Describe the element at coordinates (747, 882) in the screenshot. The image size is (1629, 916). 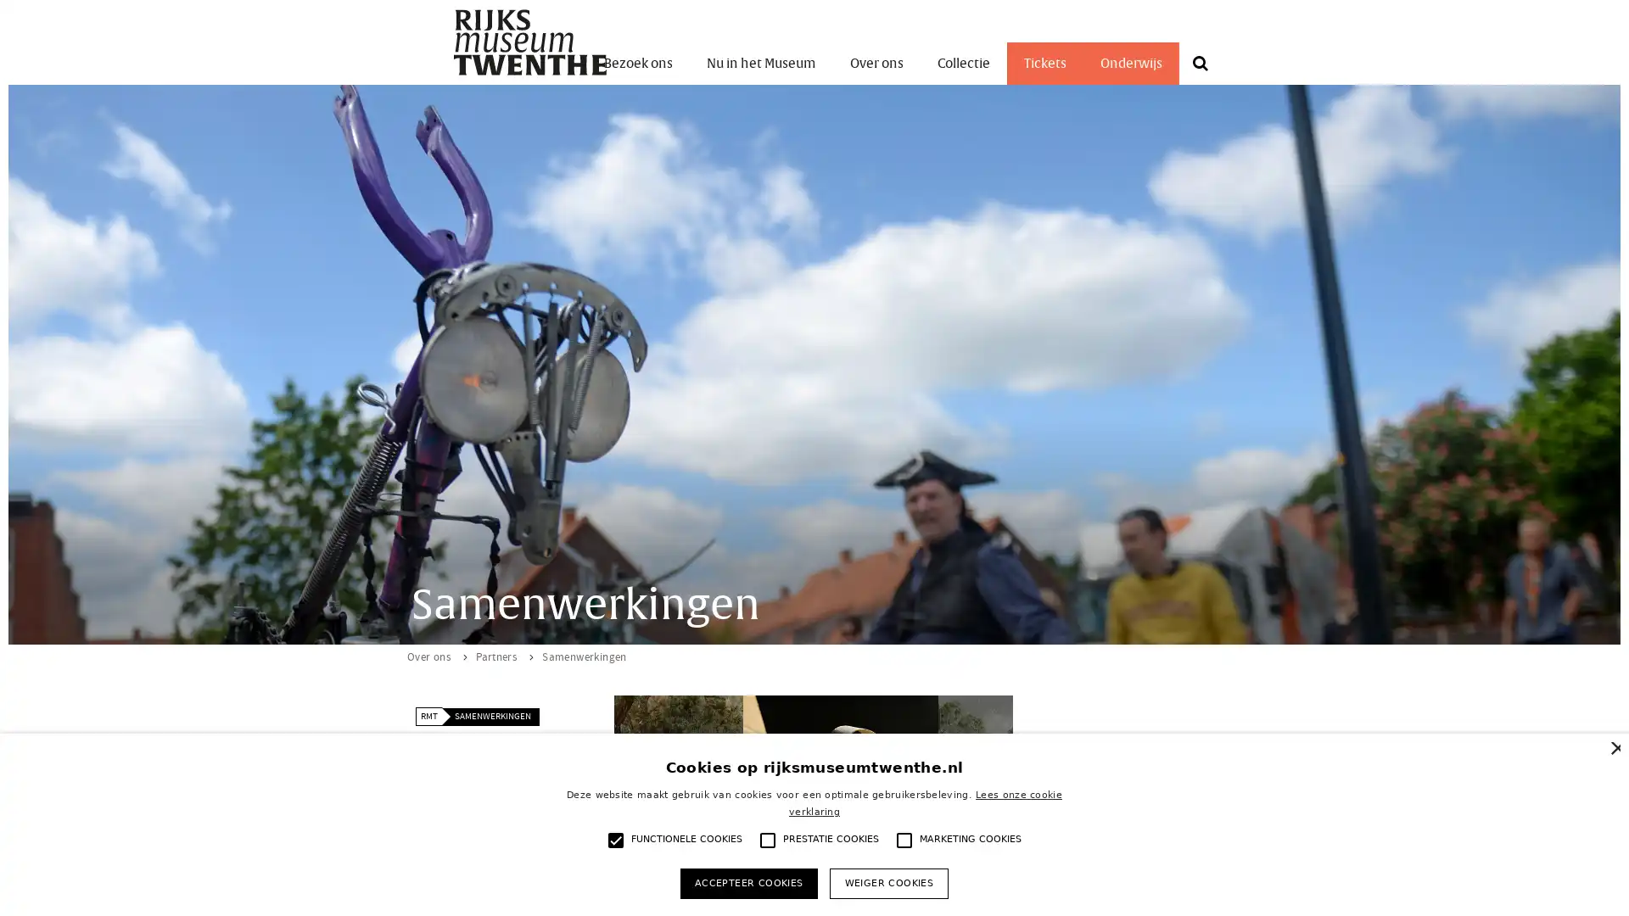
I see `ACCEPTEER COOKIES` at that location.